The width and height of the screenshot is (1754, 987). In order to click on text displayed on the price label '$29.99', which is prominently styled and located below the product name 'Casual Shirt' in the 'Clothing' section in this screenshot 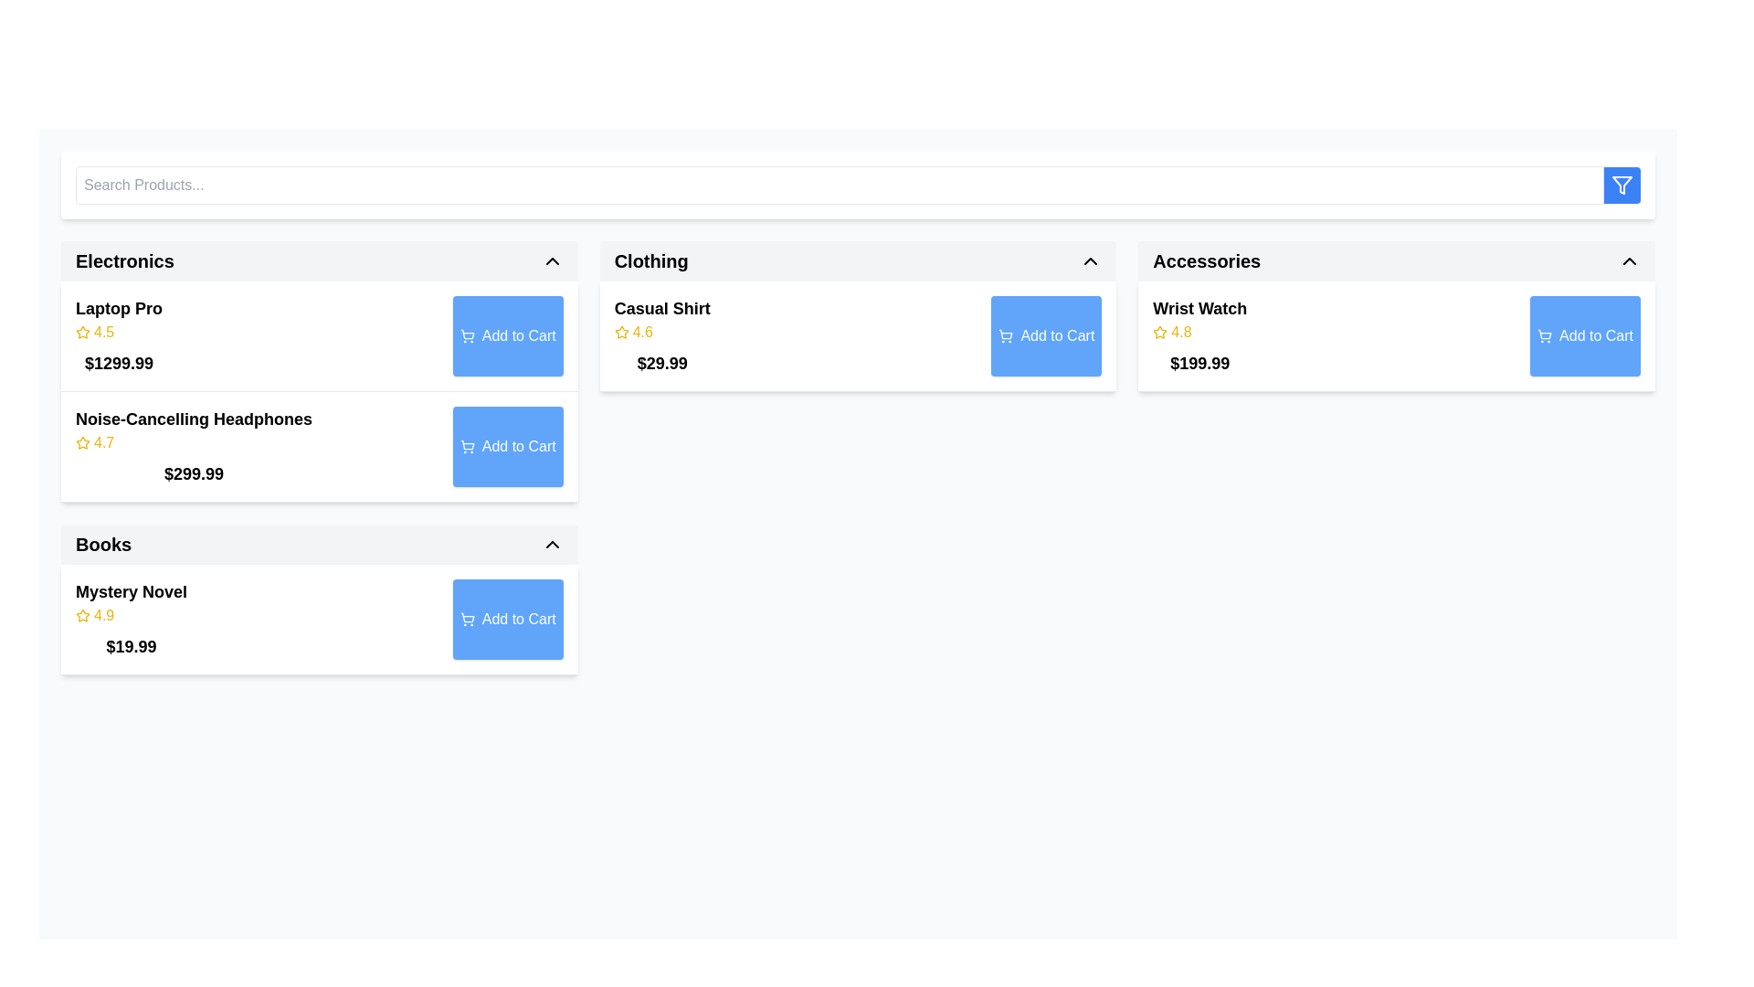, I will do `click(661, 363)`.